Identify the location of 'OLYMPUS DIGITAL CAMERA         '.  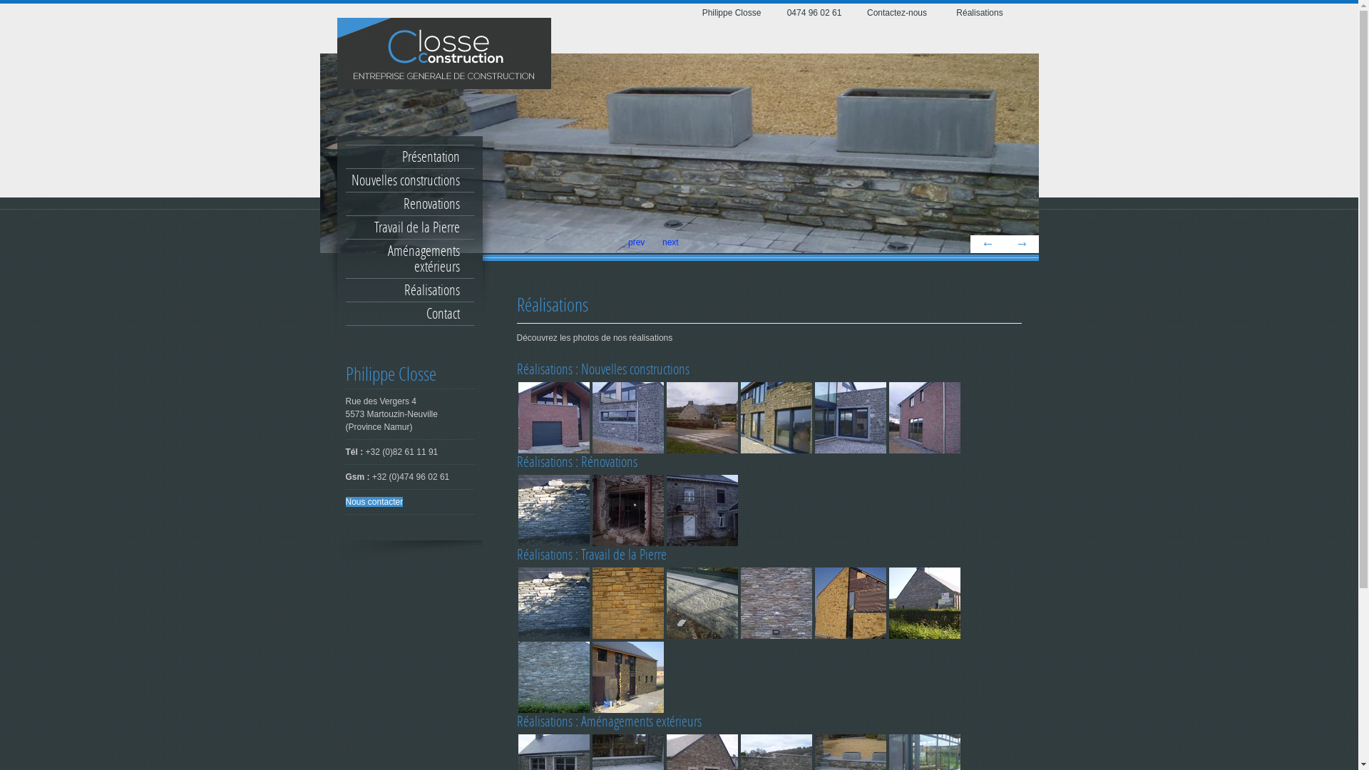
(924, 417).